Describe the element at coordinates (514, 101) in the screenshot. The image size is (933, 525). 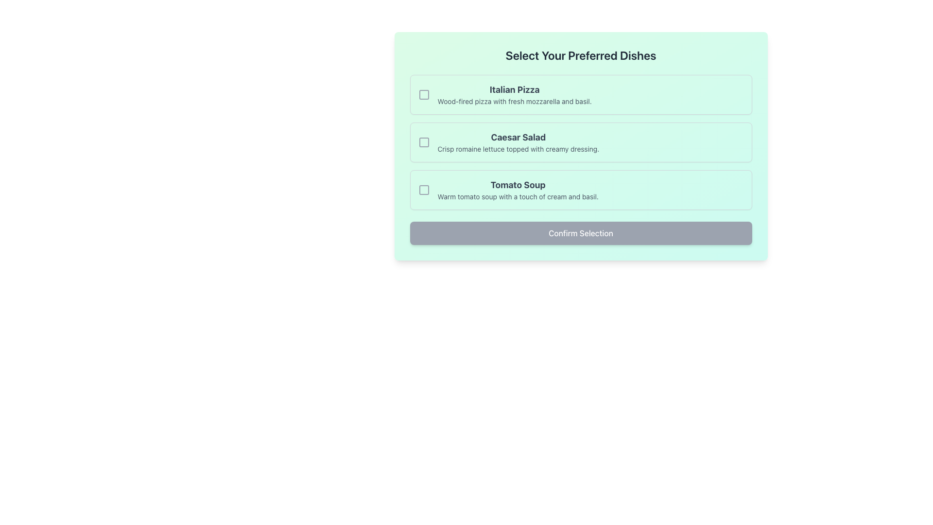
I see `the text element that reads 'Wood-fired pizza with fresh mozzarella and basil', which is located directly beneath the bold heading 'Italian Pizza'` at that location.